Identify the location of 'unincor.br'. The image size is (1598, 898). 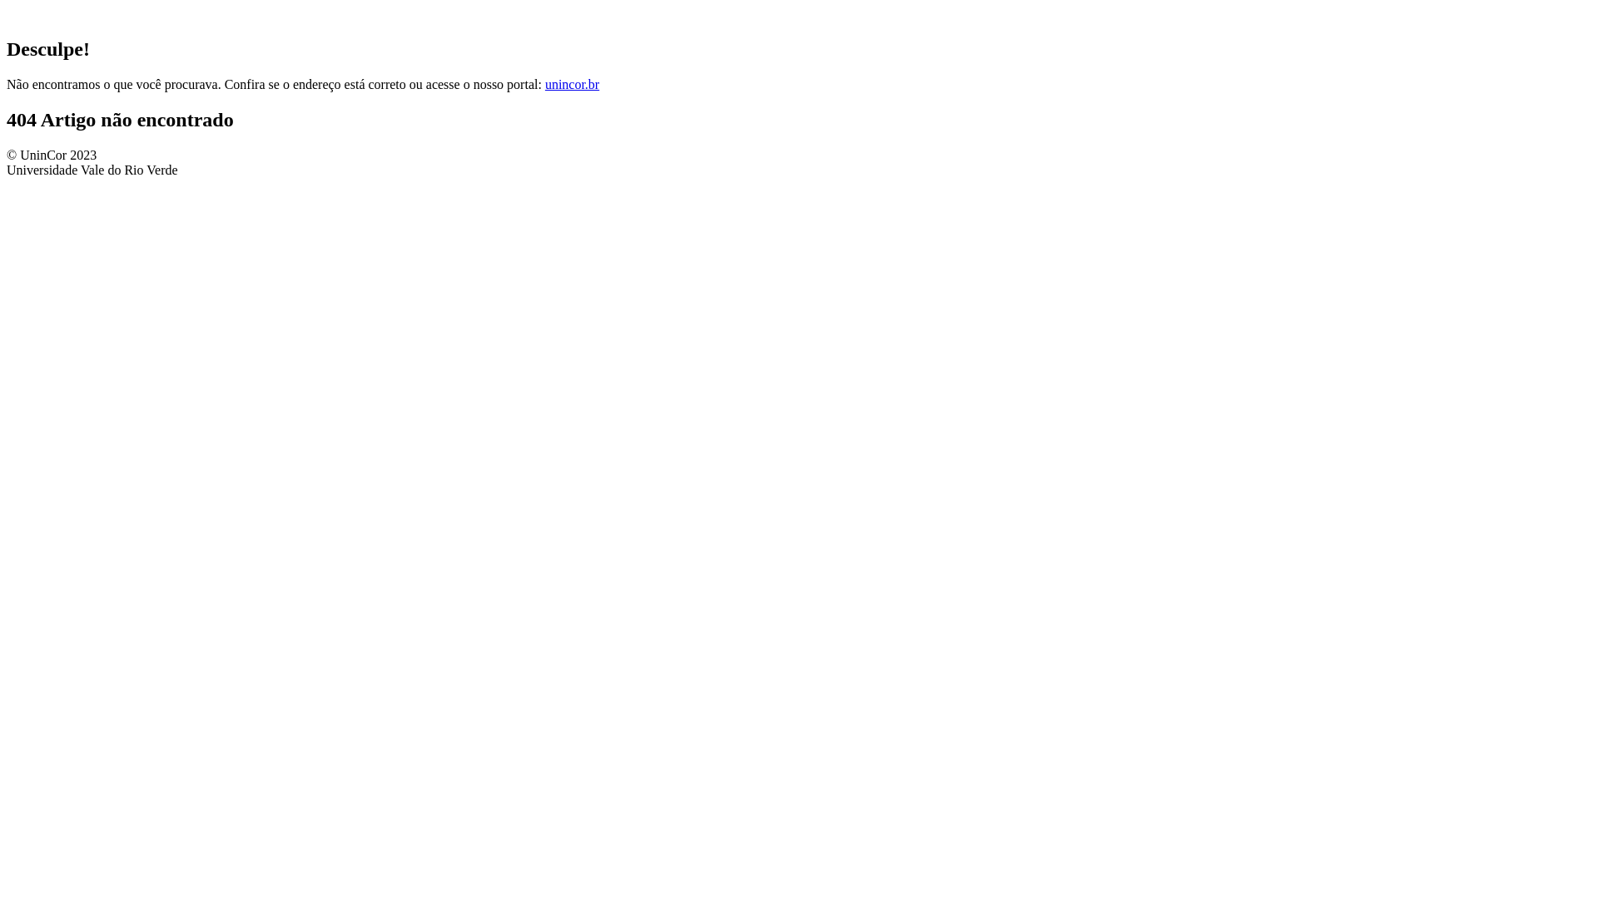
(572, 84).